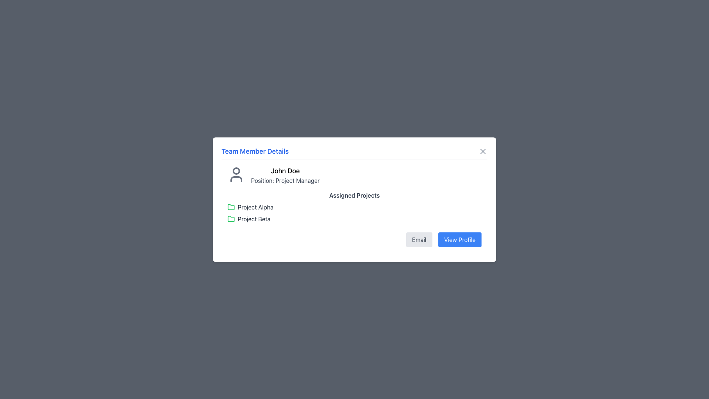  What do you see at coordinates (236, 174) in the screenshot?
I see `the grayscale user icon located to the left of the text section containing 'John Doe' and 'Position: Project Manager'` at bounding box center [236, 174].